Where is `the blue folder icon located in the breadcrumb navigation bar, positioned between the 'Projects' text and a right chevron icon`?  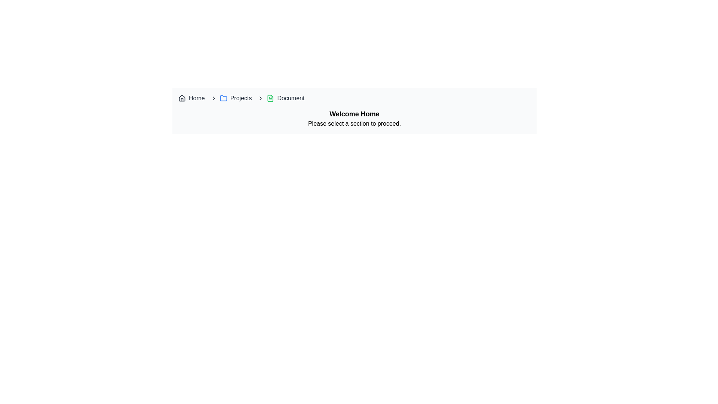
the blue folder icon located in the breadcrumb navigation bar, positioned between the 'Projects' text and a right chevron icon is located at coordinates (223, 98).